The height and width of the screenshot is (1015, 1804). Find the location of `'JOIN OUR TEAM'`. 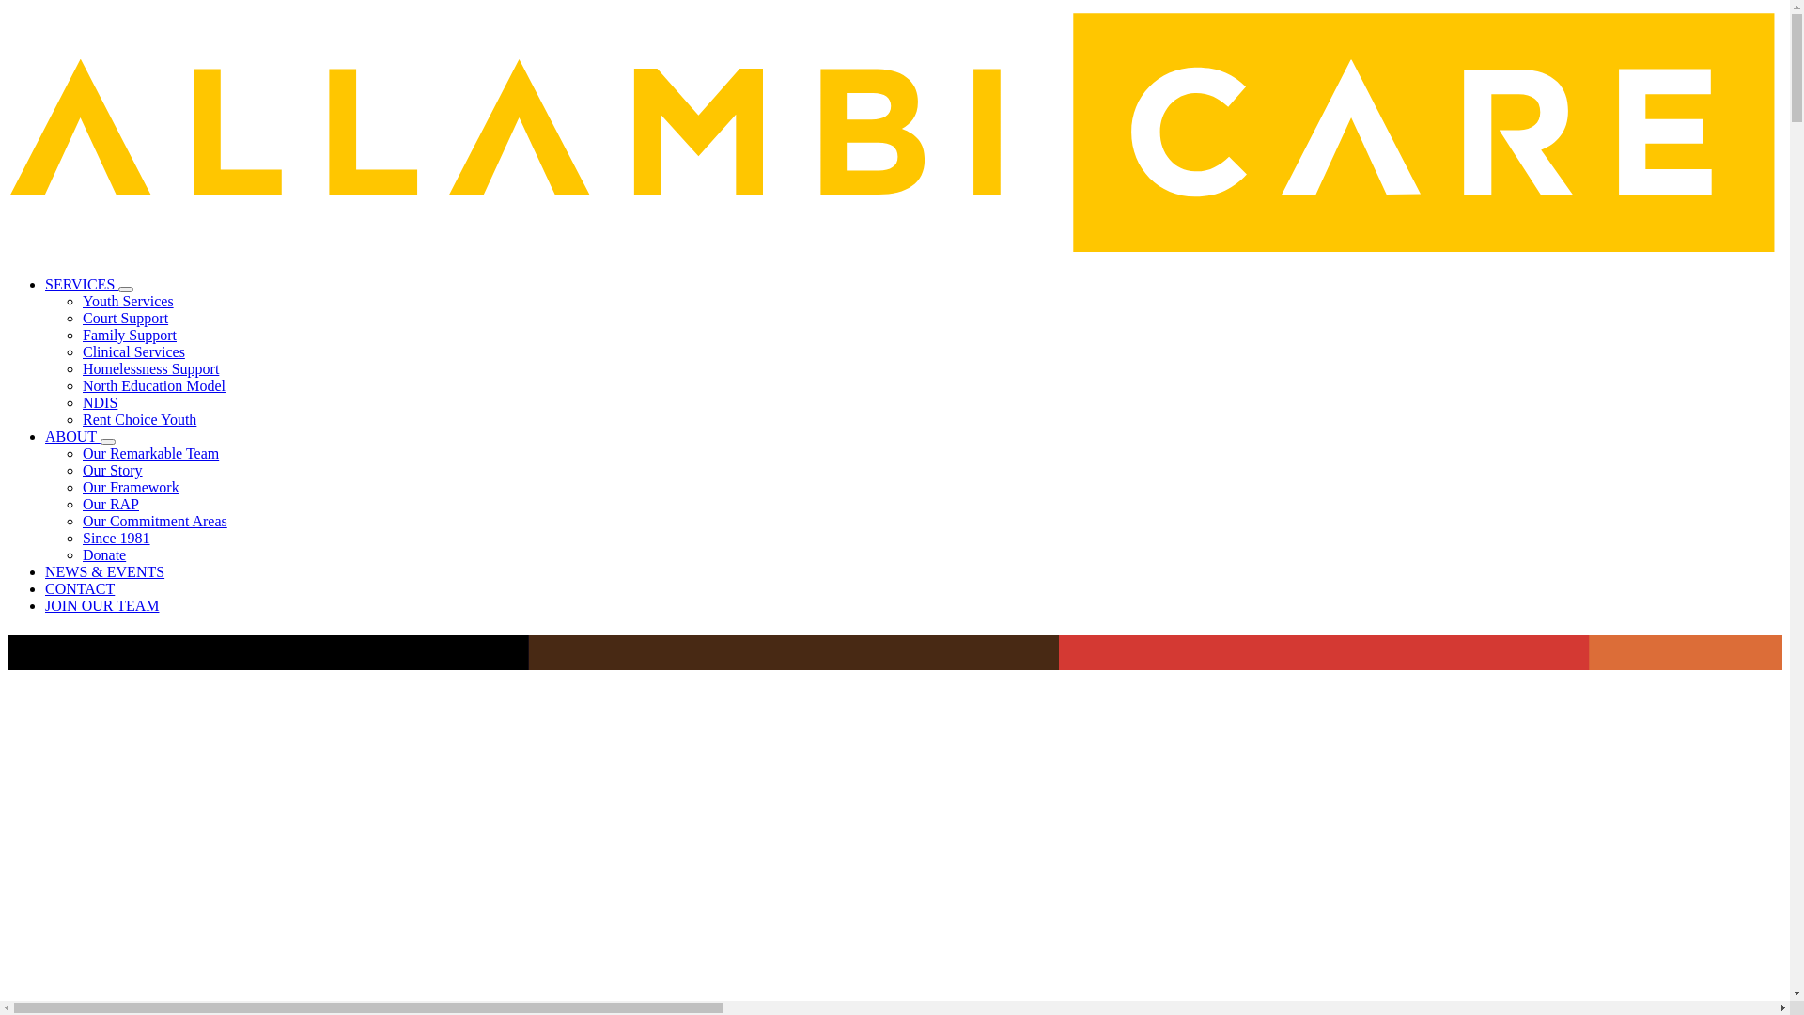

'JOIN OUR TEAM' is located at coordinates (45, 605).